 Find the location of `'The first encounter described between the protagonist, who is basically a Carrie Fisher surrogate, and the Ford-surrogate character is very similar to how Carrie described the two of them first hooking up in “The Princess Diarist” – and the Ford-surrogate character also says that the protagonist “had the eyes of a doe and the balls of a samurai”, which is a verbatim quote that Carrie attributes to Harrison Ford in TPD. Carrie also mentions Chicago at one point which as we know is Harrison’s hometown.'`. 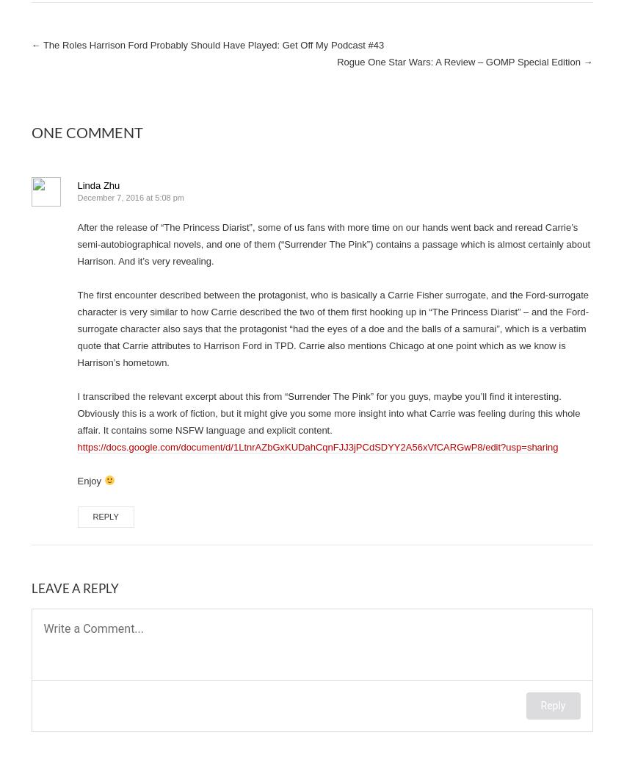

'The first encounter described between the protagonist, who is basically a Carrie Fisher surrogate, and the Ford-surrogate character is very similar to how Carrie described the two of them first hooking up in “The Princess Diarist” – and the Ford-surrogate character also says that the protagonist “had the eyes of a doe and the balls of a samurai”, which is a verbatim quote that Carrie attributes to Harrison Ford in TPD. Carrie also mentions Chicago at one point which as we know is Harrison’s hometown.' is located at coordinates (332, 327).